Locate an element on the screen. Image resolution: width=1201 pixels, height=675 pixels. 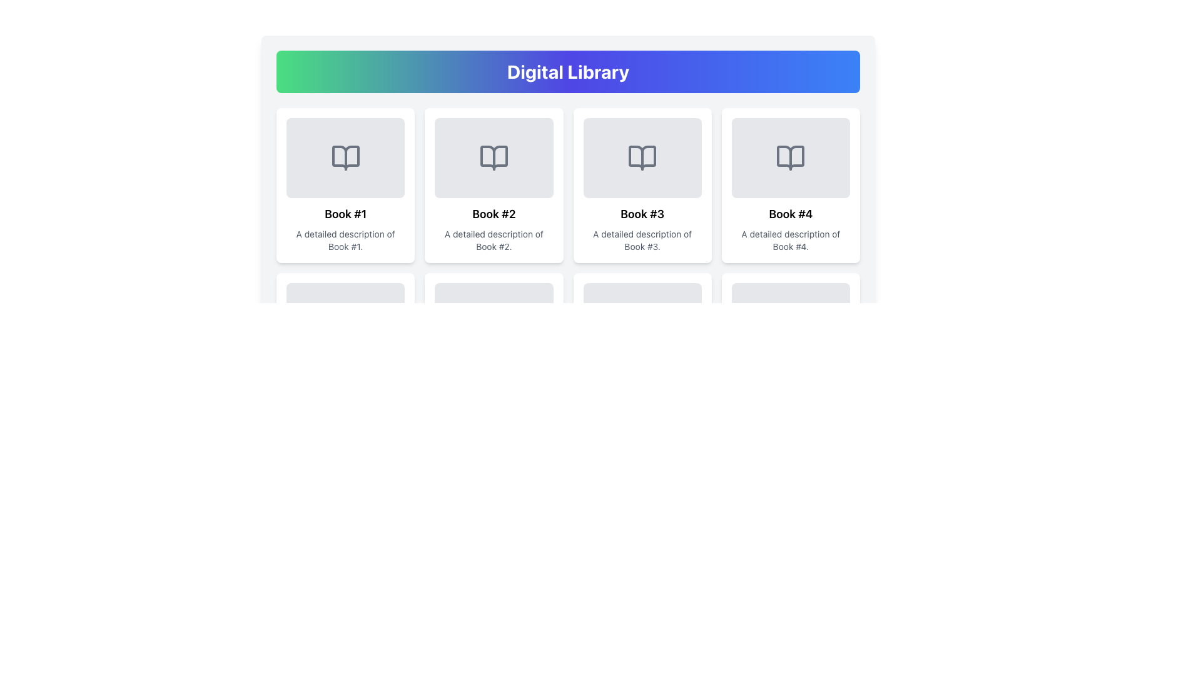
the right-hand page outline of the open book icon in the 'Book #2' card, which is the second card in the first row of the grid is located at coordinates (493, 157).